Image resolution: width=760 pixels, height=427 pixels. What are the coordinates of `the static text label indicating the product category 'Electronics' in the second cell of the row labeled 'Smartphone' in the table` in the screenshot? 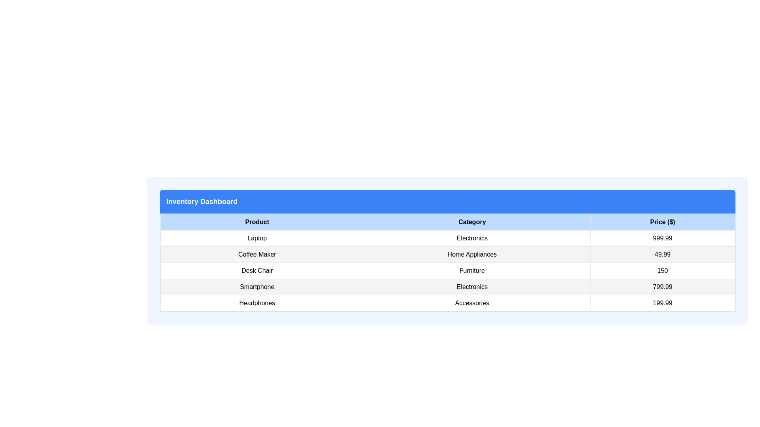 It's located at (472, 287).